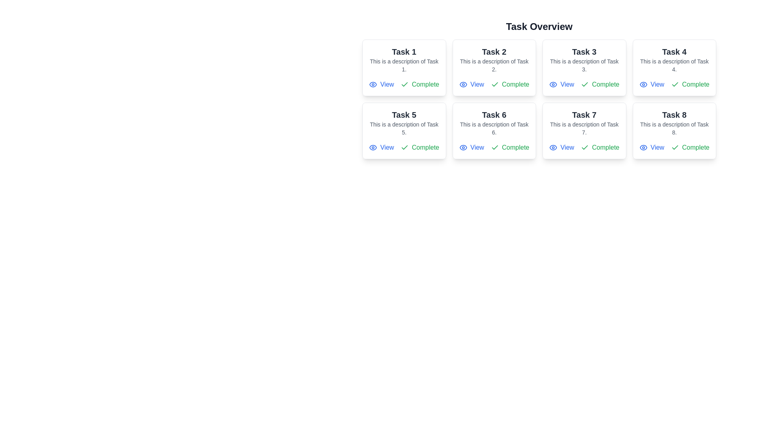 The height and width of the screenshot is (431, 767). Describe the element at coordinates (494, 85) in the screenshot. I see `the 'Complete' label styled in green with a checkmark icon to mark the task as done, located at the bottom of the 'Task 2' card` at that location.